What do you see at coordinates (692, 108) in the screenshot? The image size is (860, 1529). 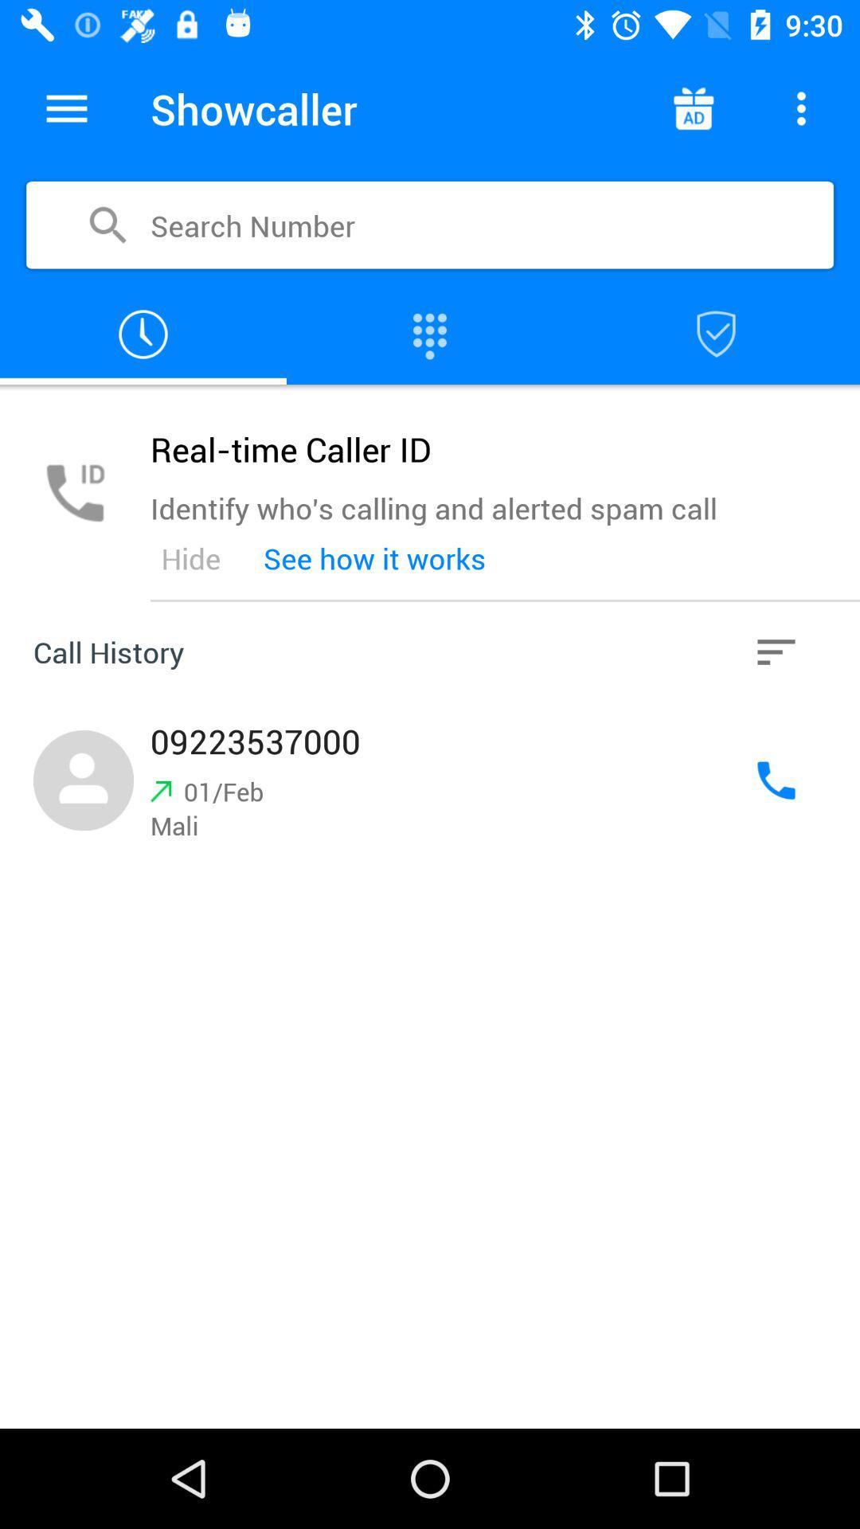 I see `advertisement` at bounding box center [692, 108].